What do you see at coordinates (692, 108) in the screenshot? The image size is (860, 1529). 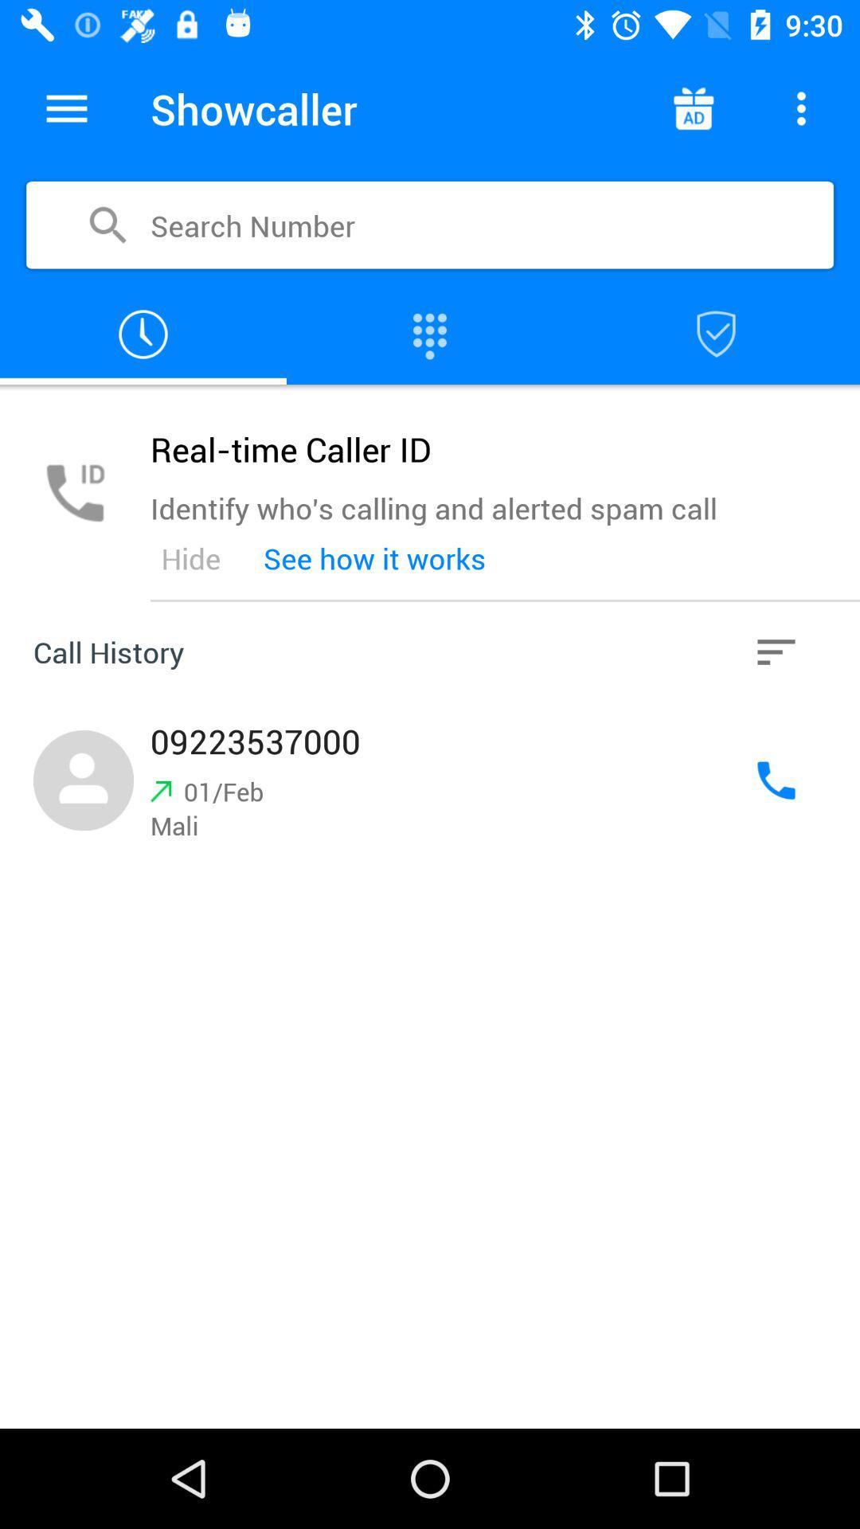 I see `advertisement` at bounding box center [692, 108].